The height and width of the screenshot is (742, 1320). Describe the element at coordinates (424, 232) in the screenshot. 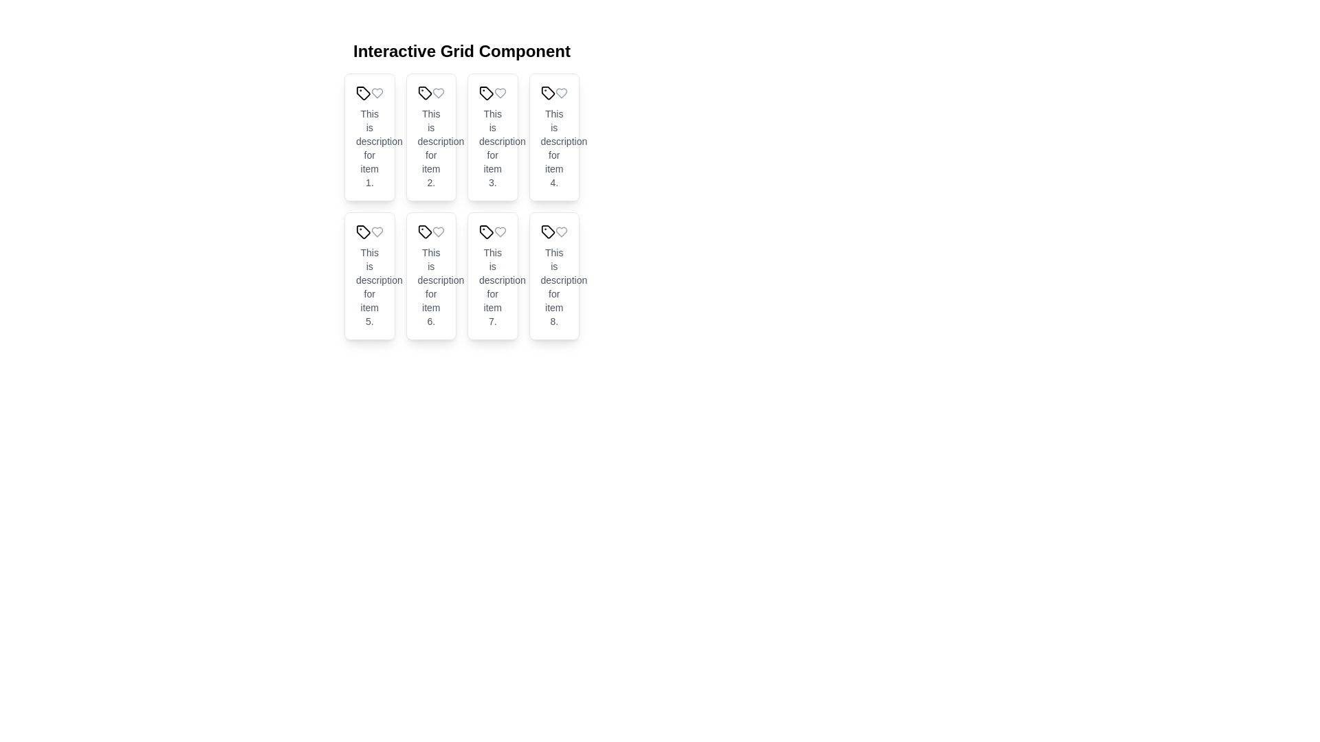

I see `the icon resembling a tag located next to the text 'Tile 6' in the grid layout` at that location.